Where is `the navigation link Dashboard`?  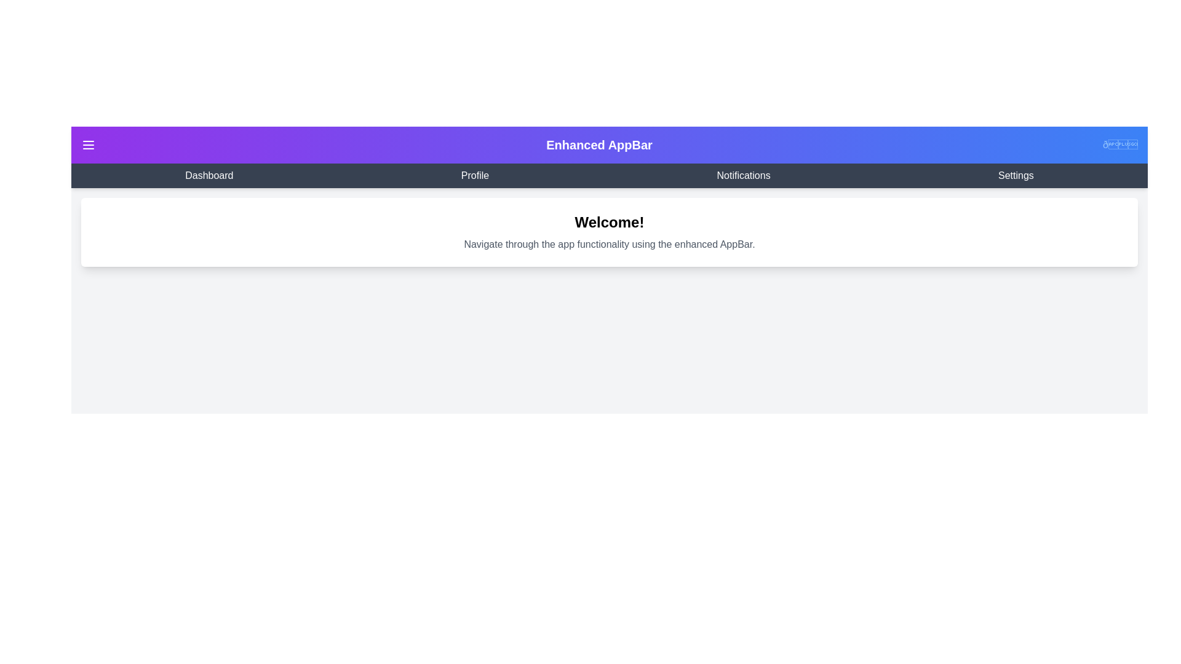 the navigation link Dashboard is located at coordinates (209, 175).